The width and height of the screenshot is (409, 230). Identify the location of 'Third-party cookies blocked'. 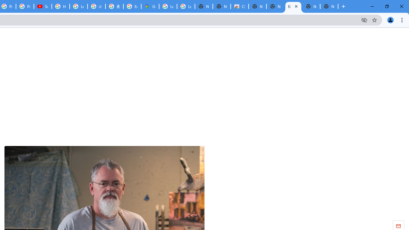
(364, 19).